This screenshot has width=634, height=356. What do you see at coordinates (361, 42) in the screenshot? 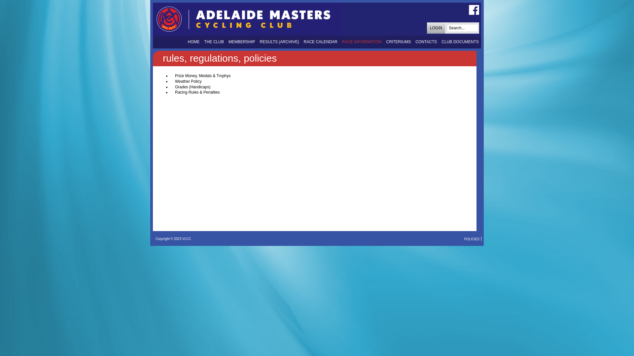
I see `'RACE INFORMATION'` at bounding box center [361, 42].